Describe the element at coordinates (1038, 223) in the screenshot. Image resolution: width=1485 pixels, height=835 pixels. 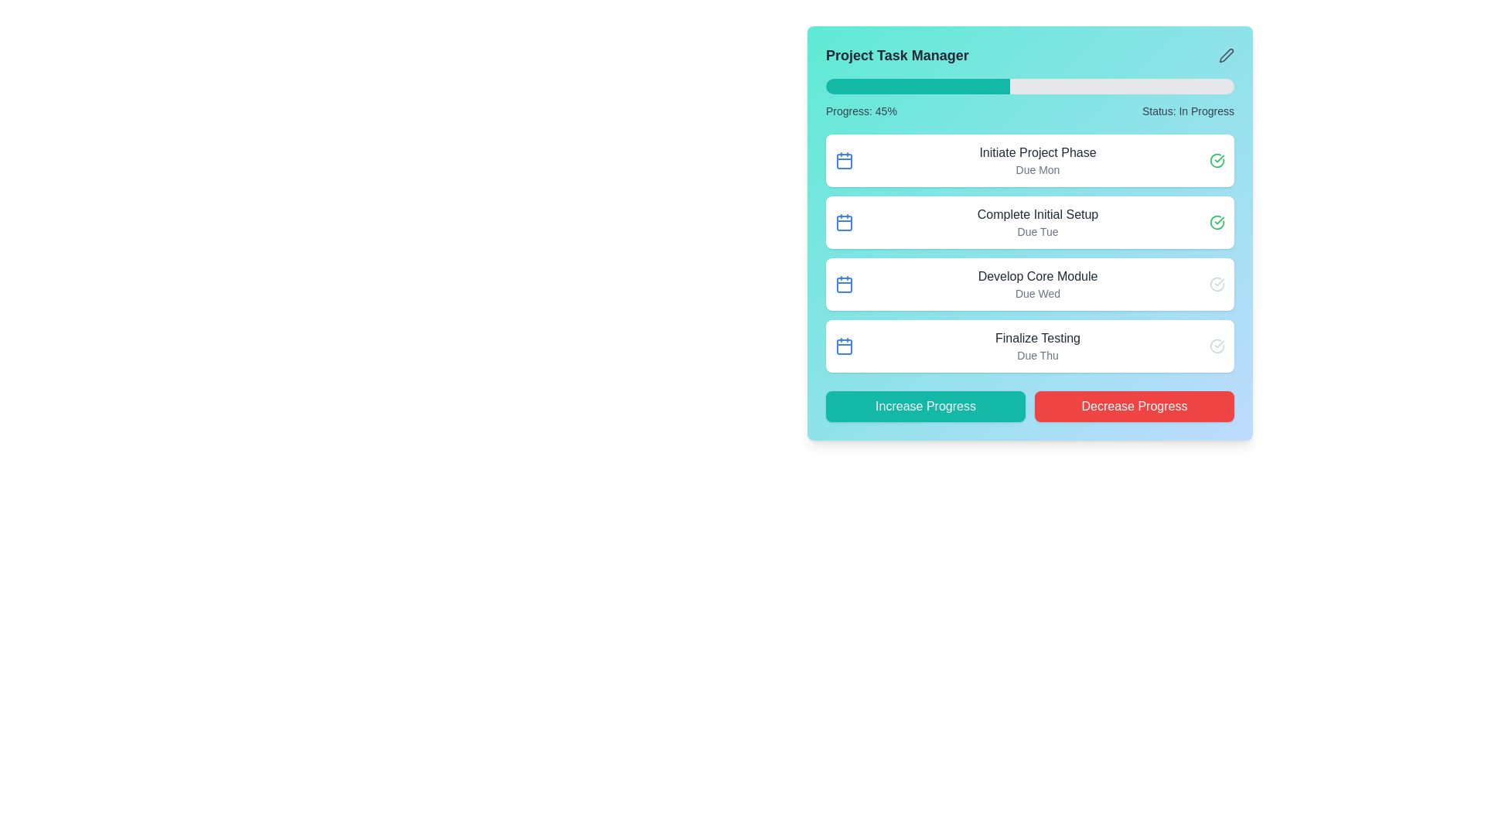
I see `the text block displaying 'Complete Initial Setup' with the due date 'Due Tue' in the task list` at that location.